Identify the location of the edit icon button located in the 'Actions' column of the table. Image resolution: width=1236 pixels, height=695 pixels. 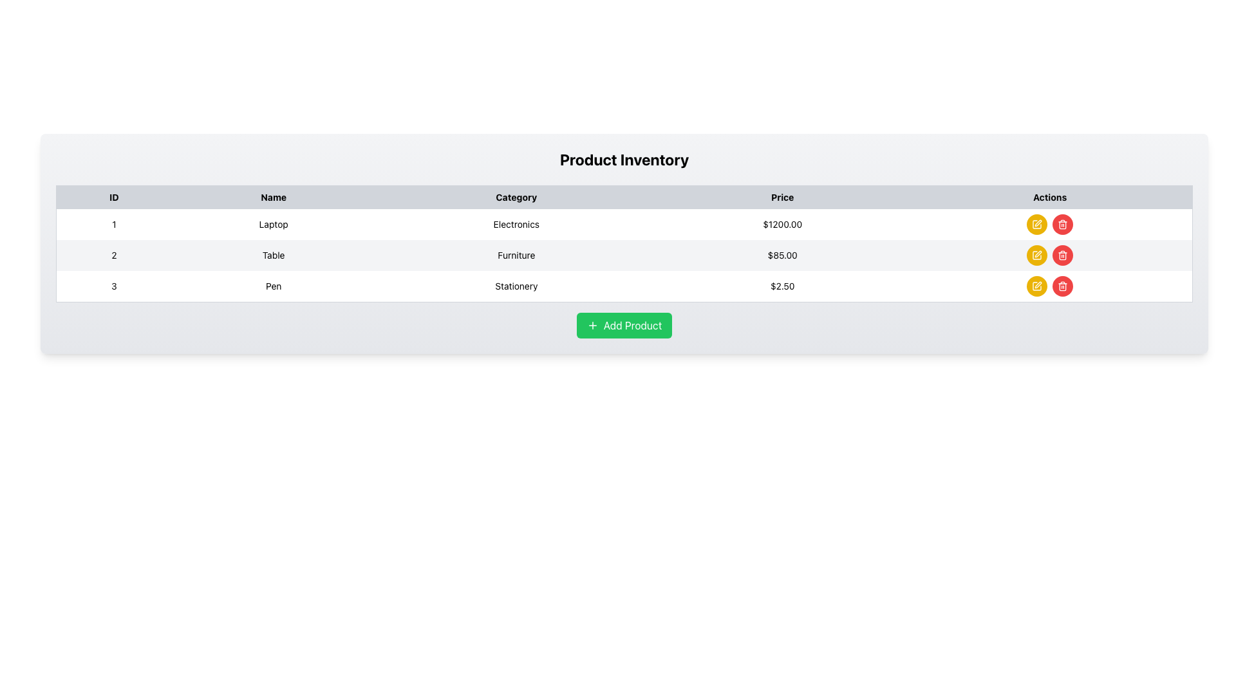
(1037, 223).